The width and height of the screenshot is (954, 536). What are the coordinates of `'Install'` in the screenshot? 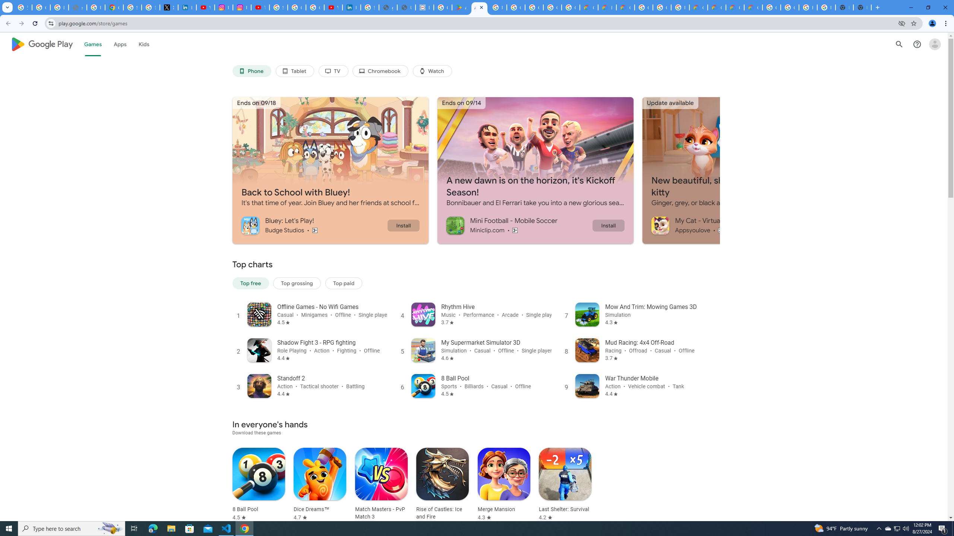 It's located at (608, 225).